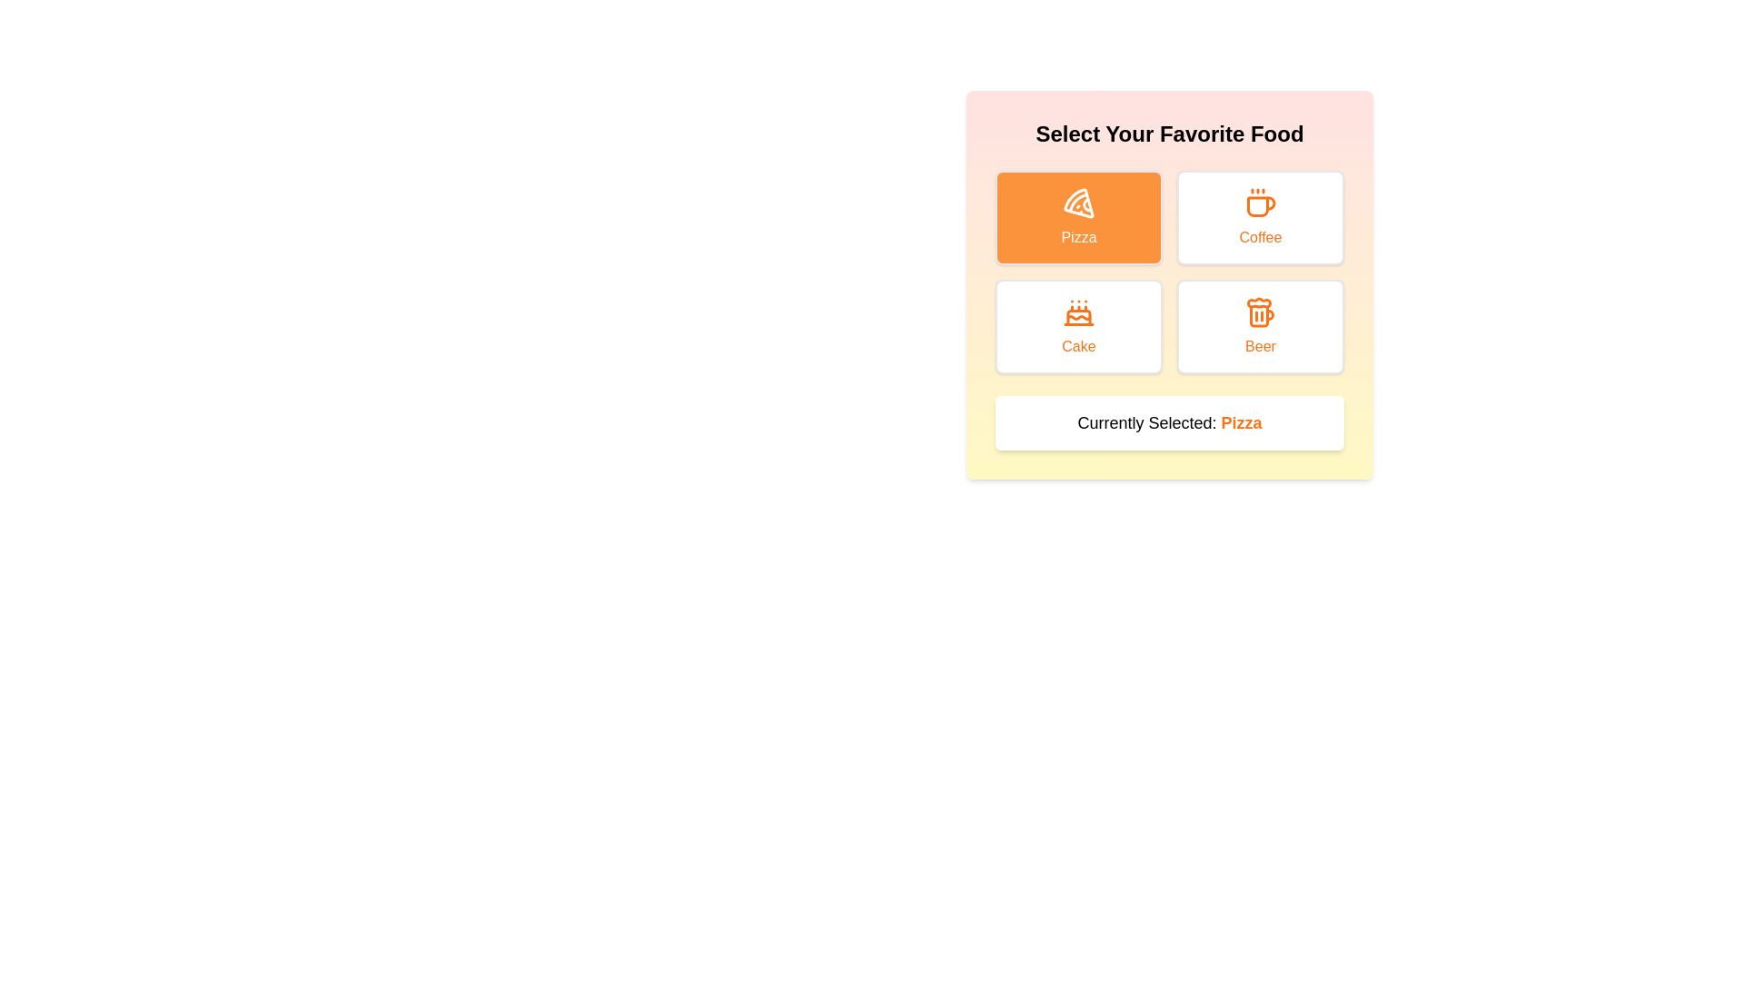 The height and width of the screenshot is (981, 1744). What do you see at coordinates (1259, 216) in the screenshot?
I see `the Coffee button to observe the hover effect` at bounding box center [1259, 216].